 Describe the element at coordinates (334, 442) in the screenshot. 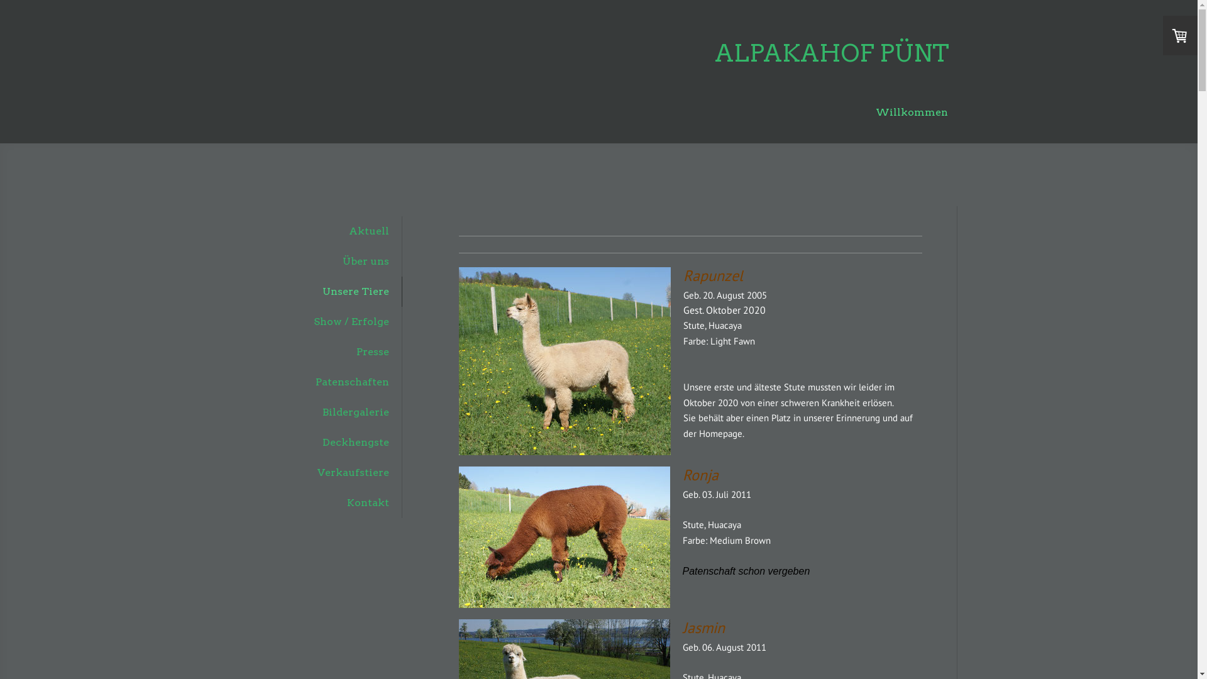

I see `'Deckhengste'` at that location.